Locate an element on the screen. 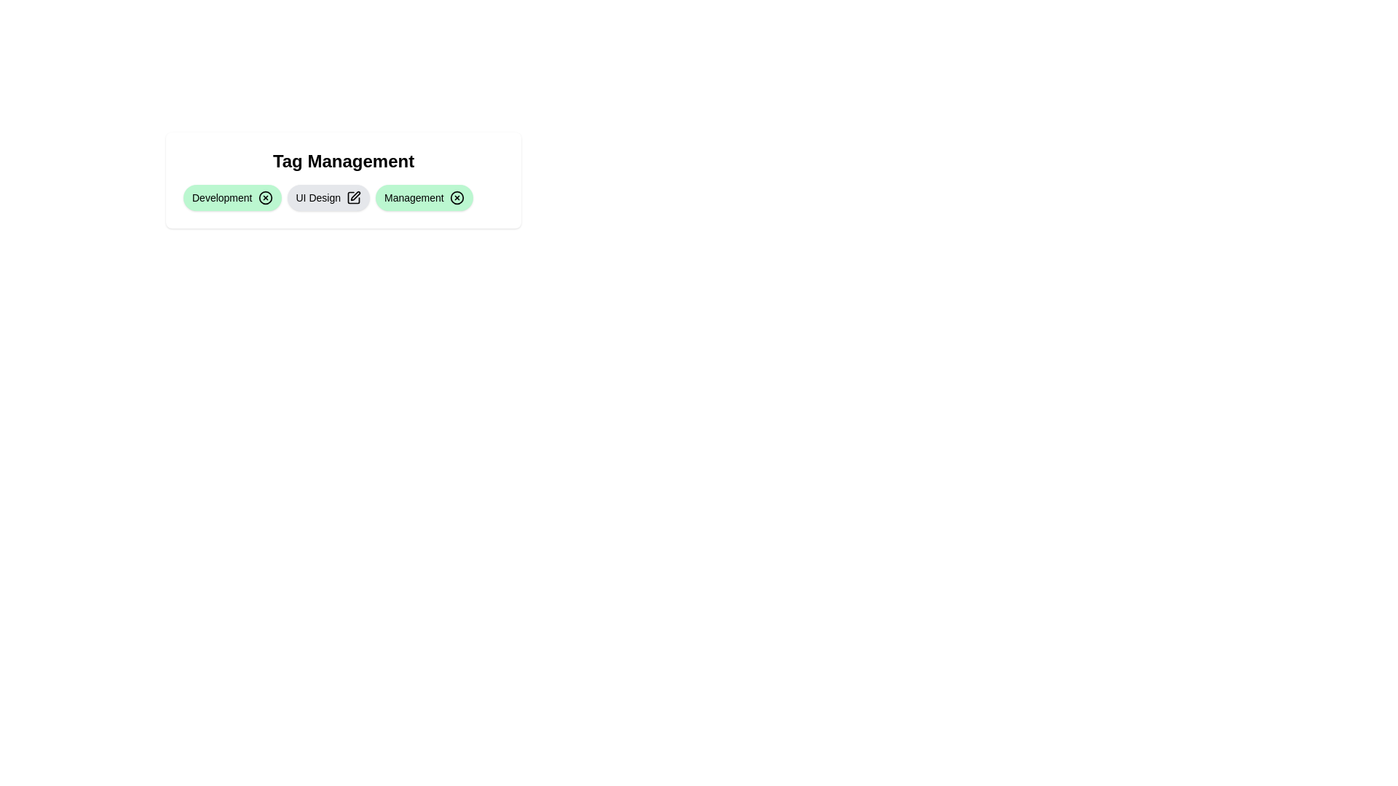  the tag labeled Development is located at coordinates (232, 198).